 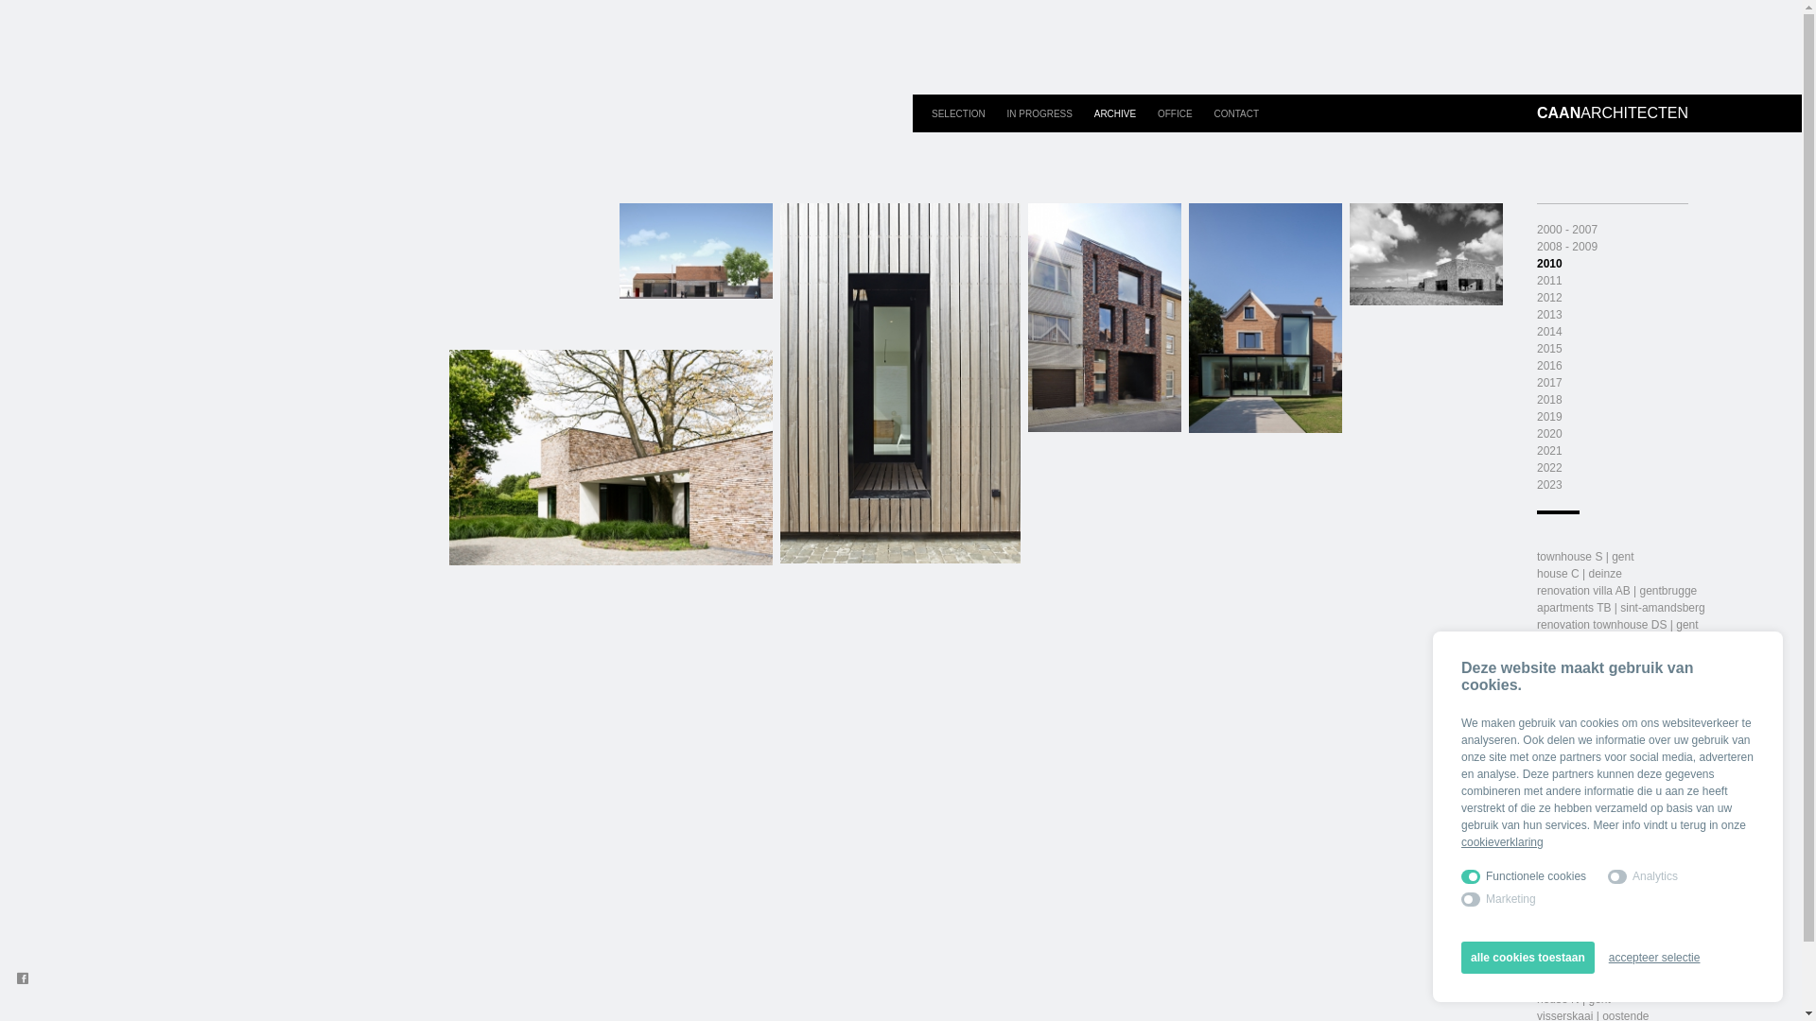 What do you see at coordinates (1549, 383) in the screenshot?
I see `'2017'` at bounding box center [1549, 383].